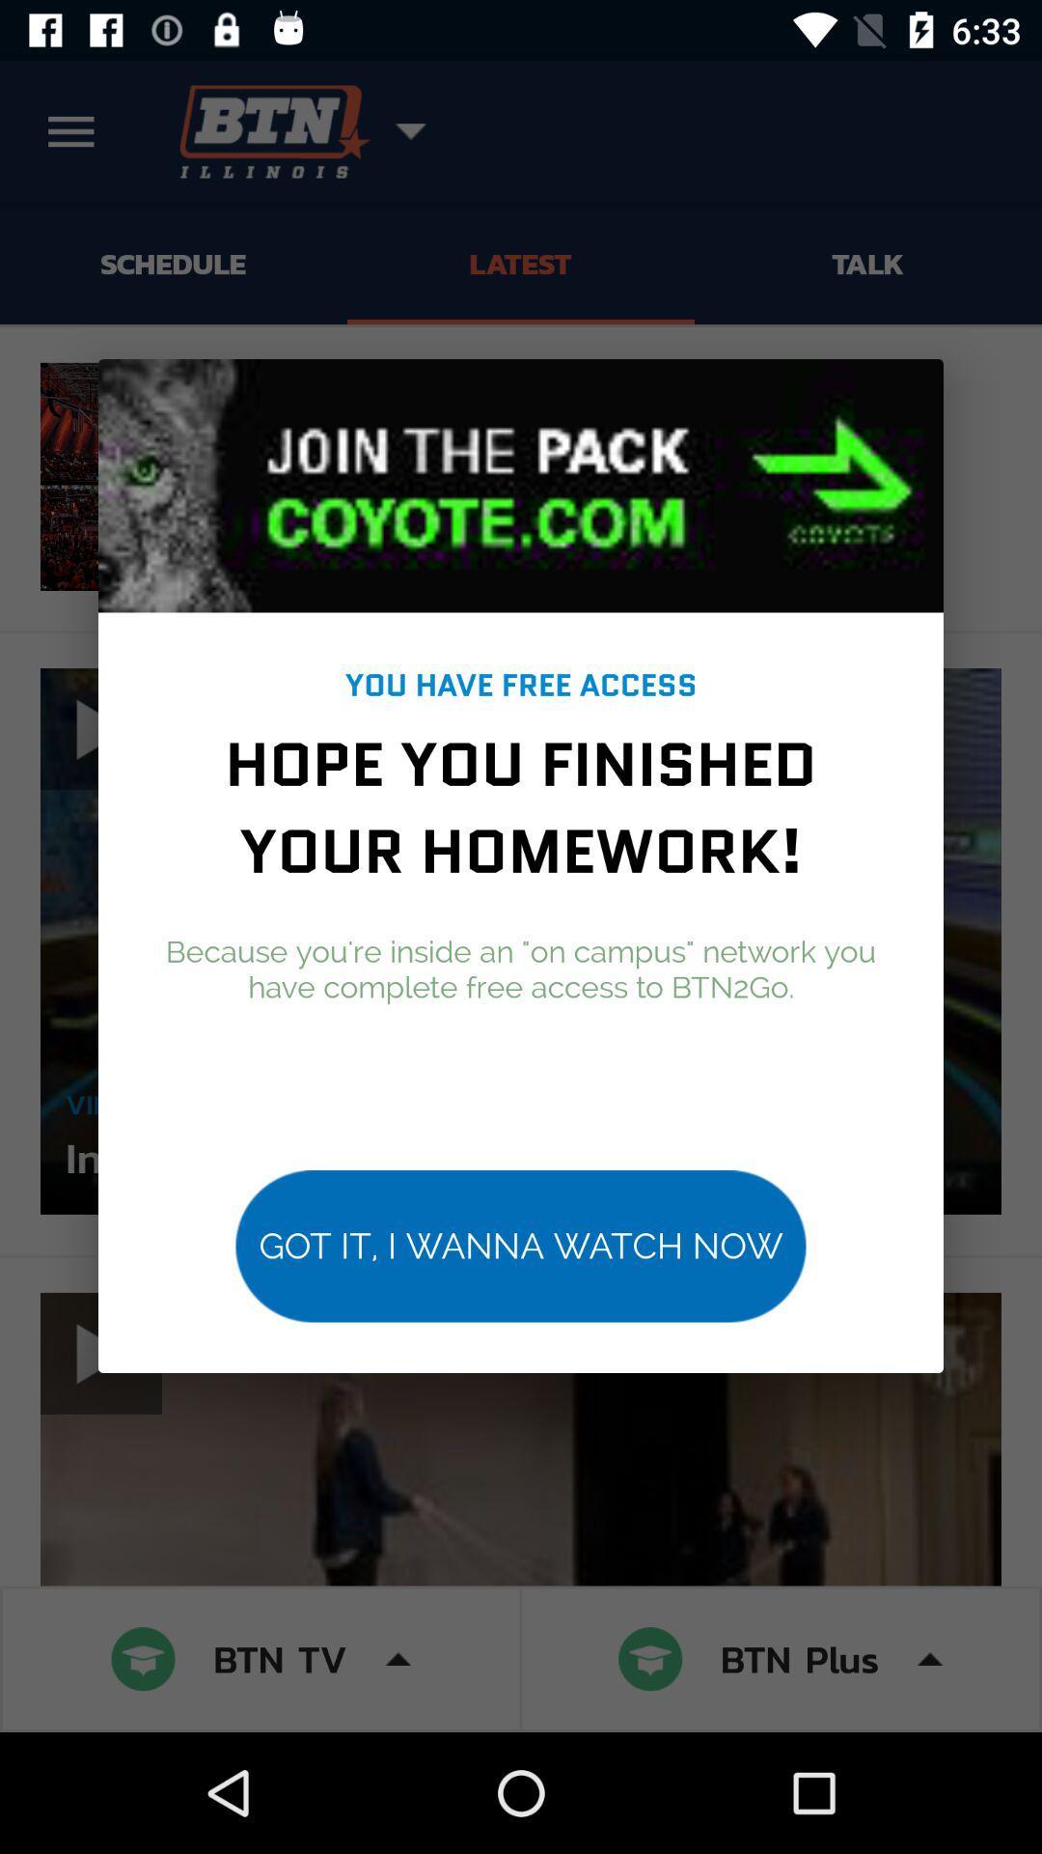 This screenshot has height=1854, width=1042. Describe the element at coordinates (521, 1246) in the screenshot. I see `icon below the because you re` at that location.